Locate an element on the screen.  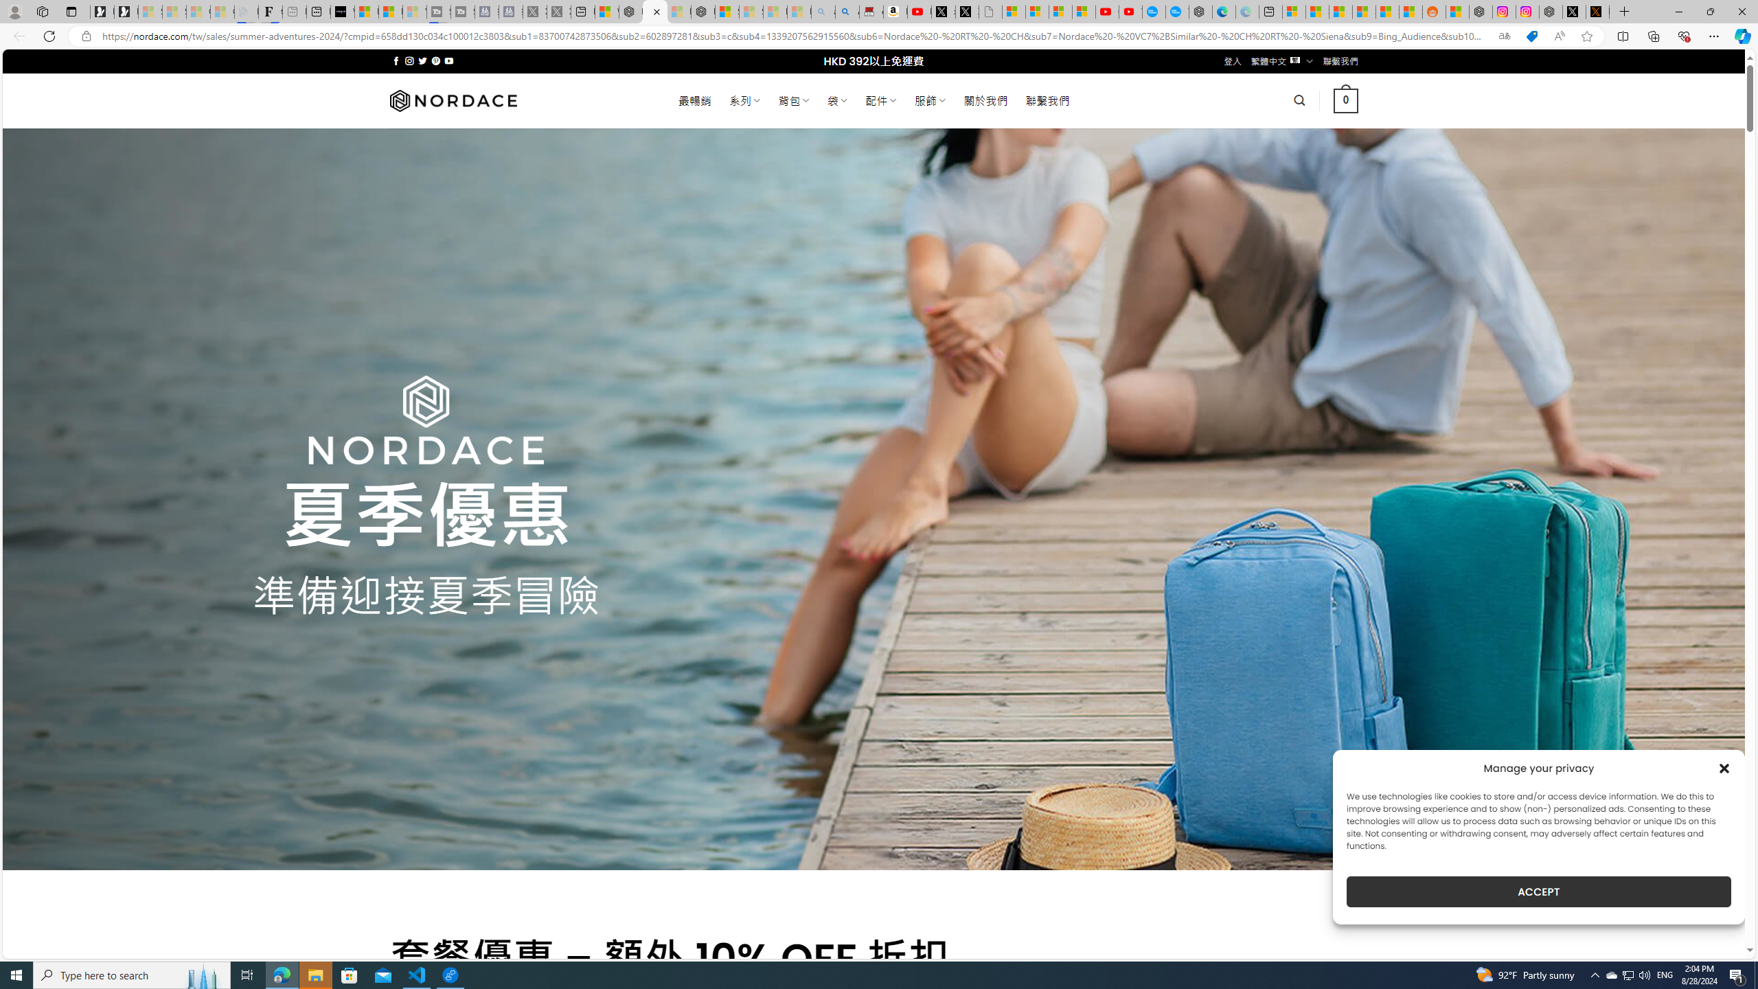
'Newsletter Sign Up' is located at coordinates (126, 11).